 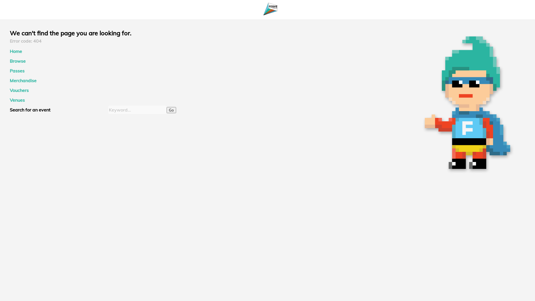 I want to click on 'Go', so click(x=171, y=110).